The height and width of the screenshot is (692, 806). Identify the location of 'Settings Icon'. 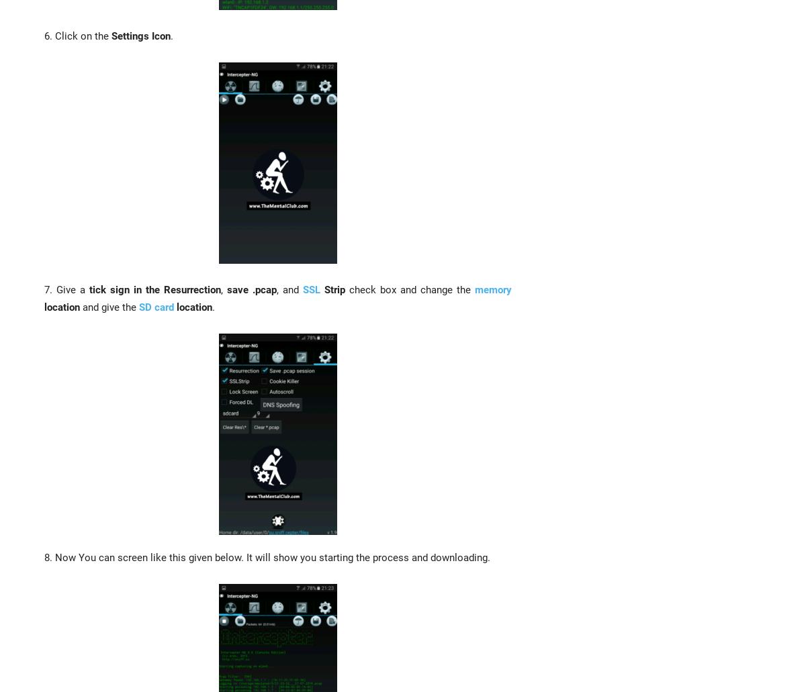
(140, 35).